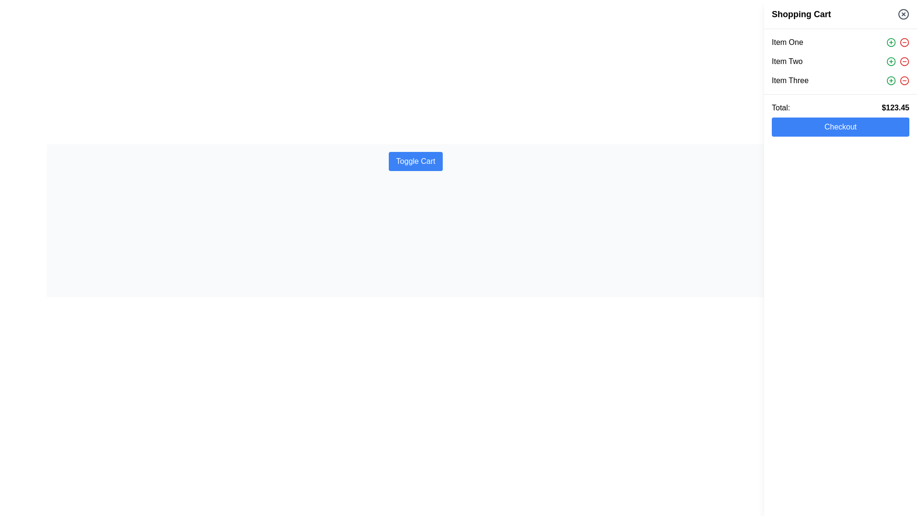 The height and width of the screenshot is (516, 917). What do you see at coordinates (904, 61) in the screenshot?
I see `the button that removes 'Item Two' from the shopping cart` at bounding box center [904, 61].